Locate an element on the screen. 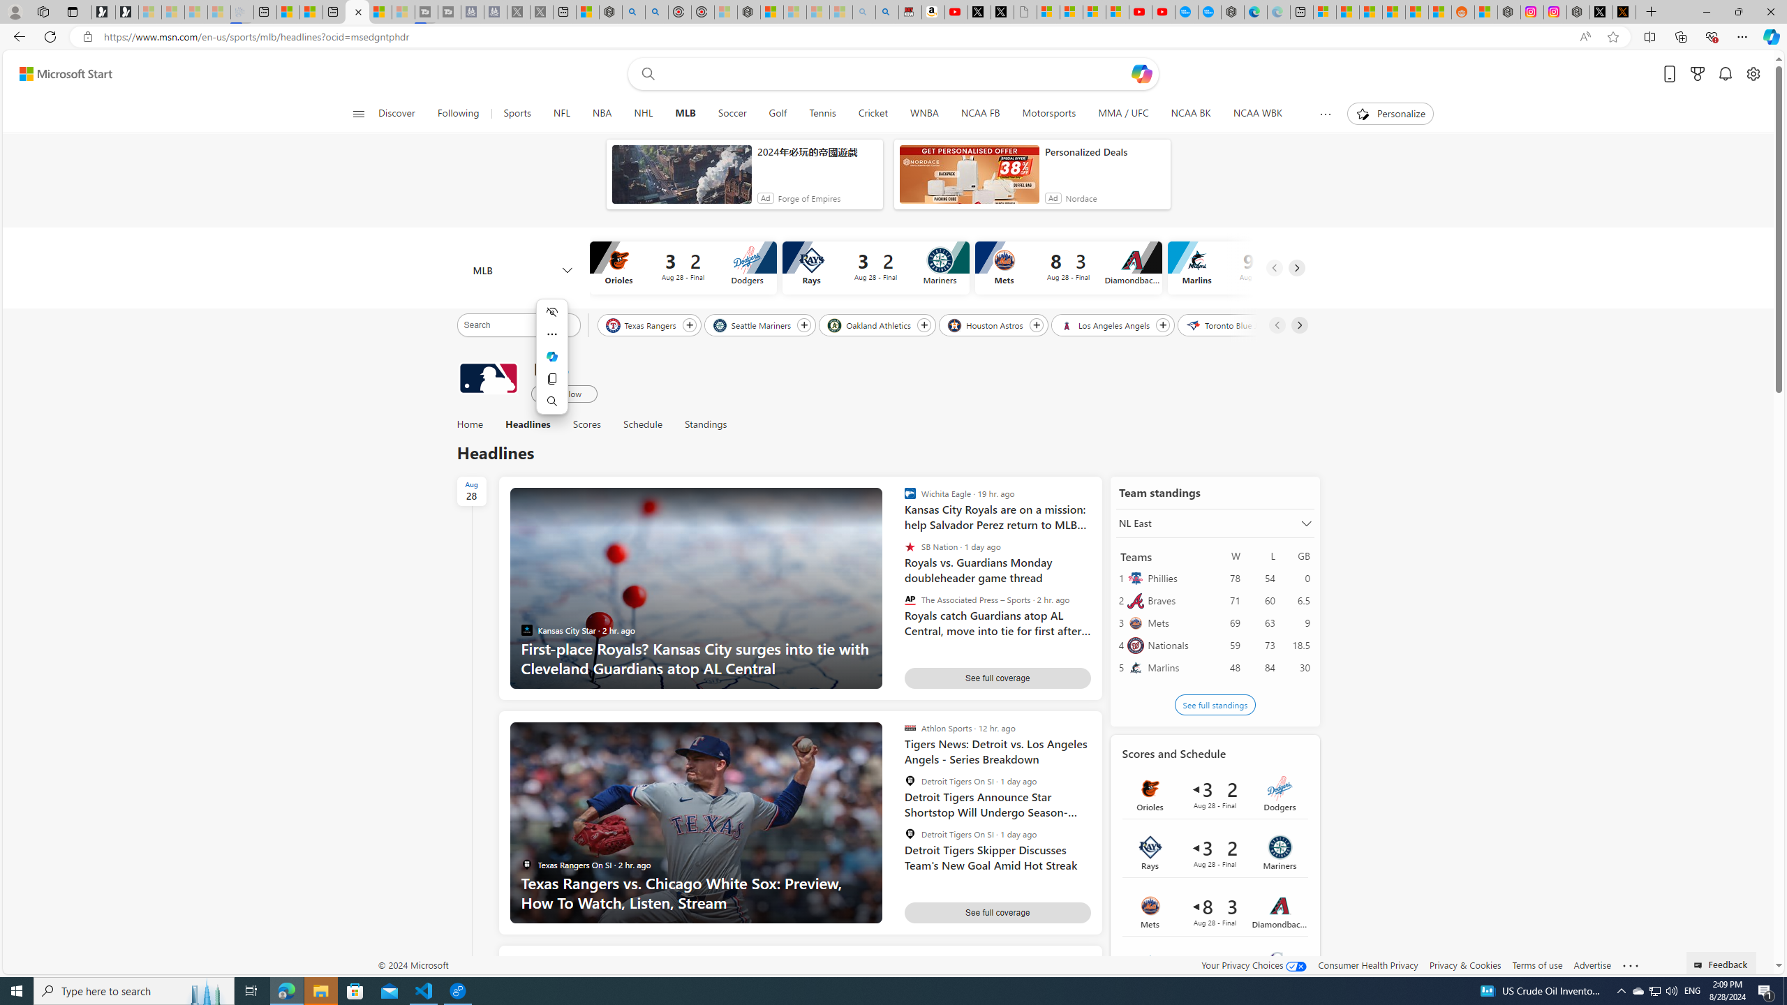  'NCAA BK' is located at coordinates (1190, 113).